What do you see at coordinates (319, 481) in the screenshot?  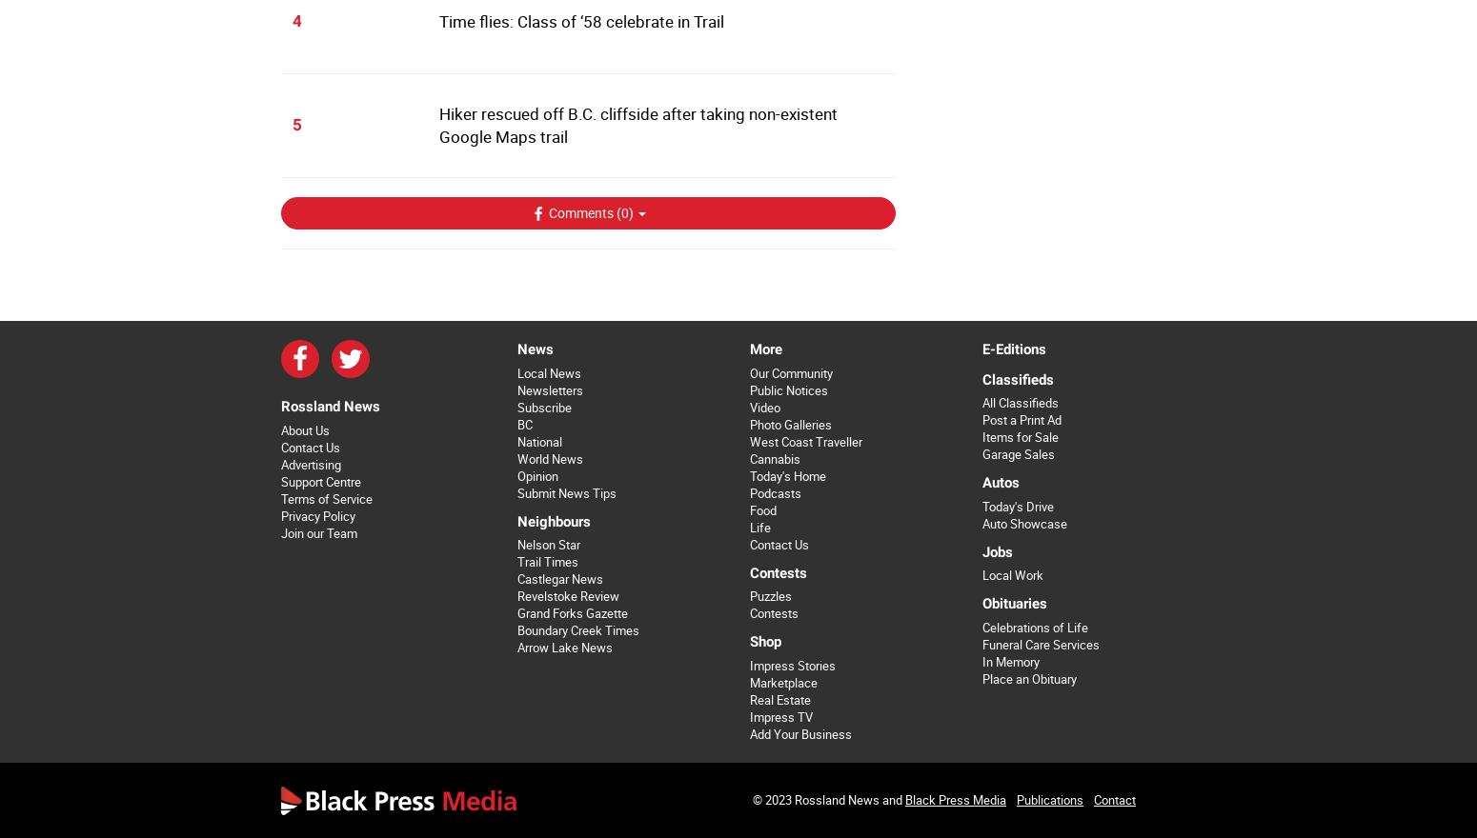 I see `'Support Centre'` at bounding box center [319, 481].